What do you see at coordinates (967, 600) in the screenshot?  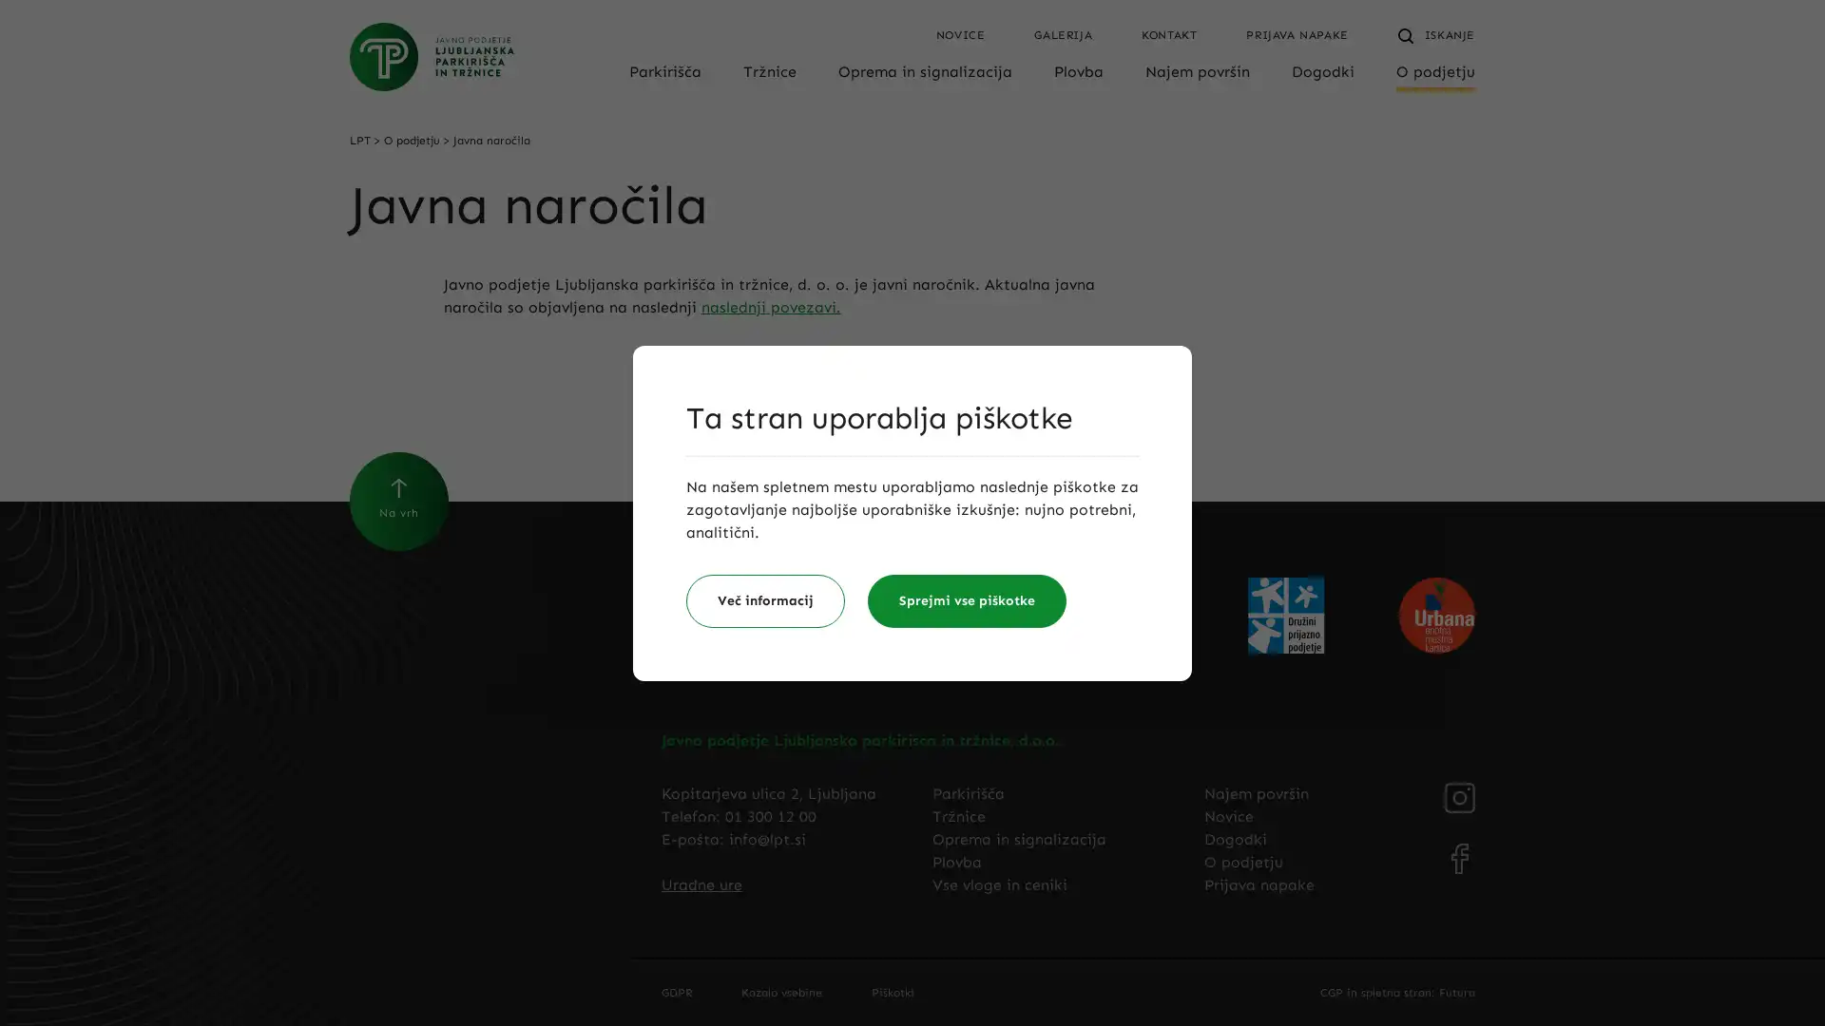 I see `Sprejmi vse piskotke` at bounding box center [967, 600].